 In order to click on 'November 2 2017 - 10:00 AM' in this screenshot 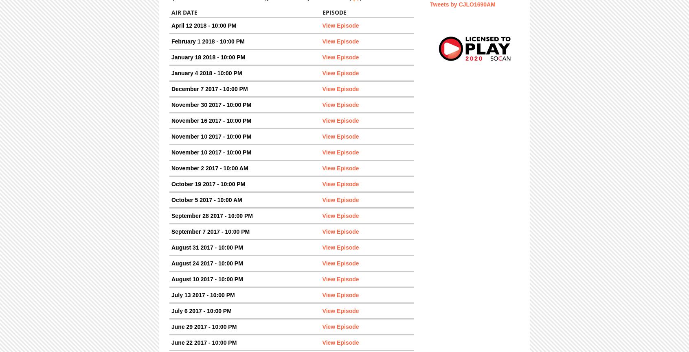, I will do `click(210, 167)`.